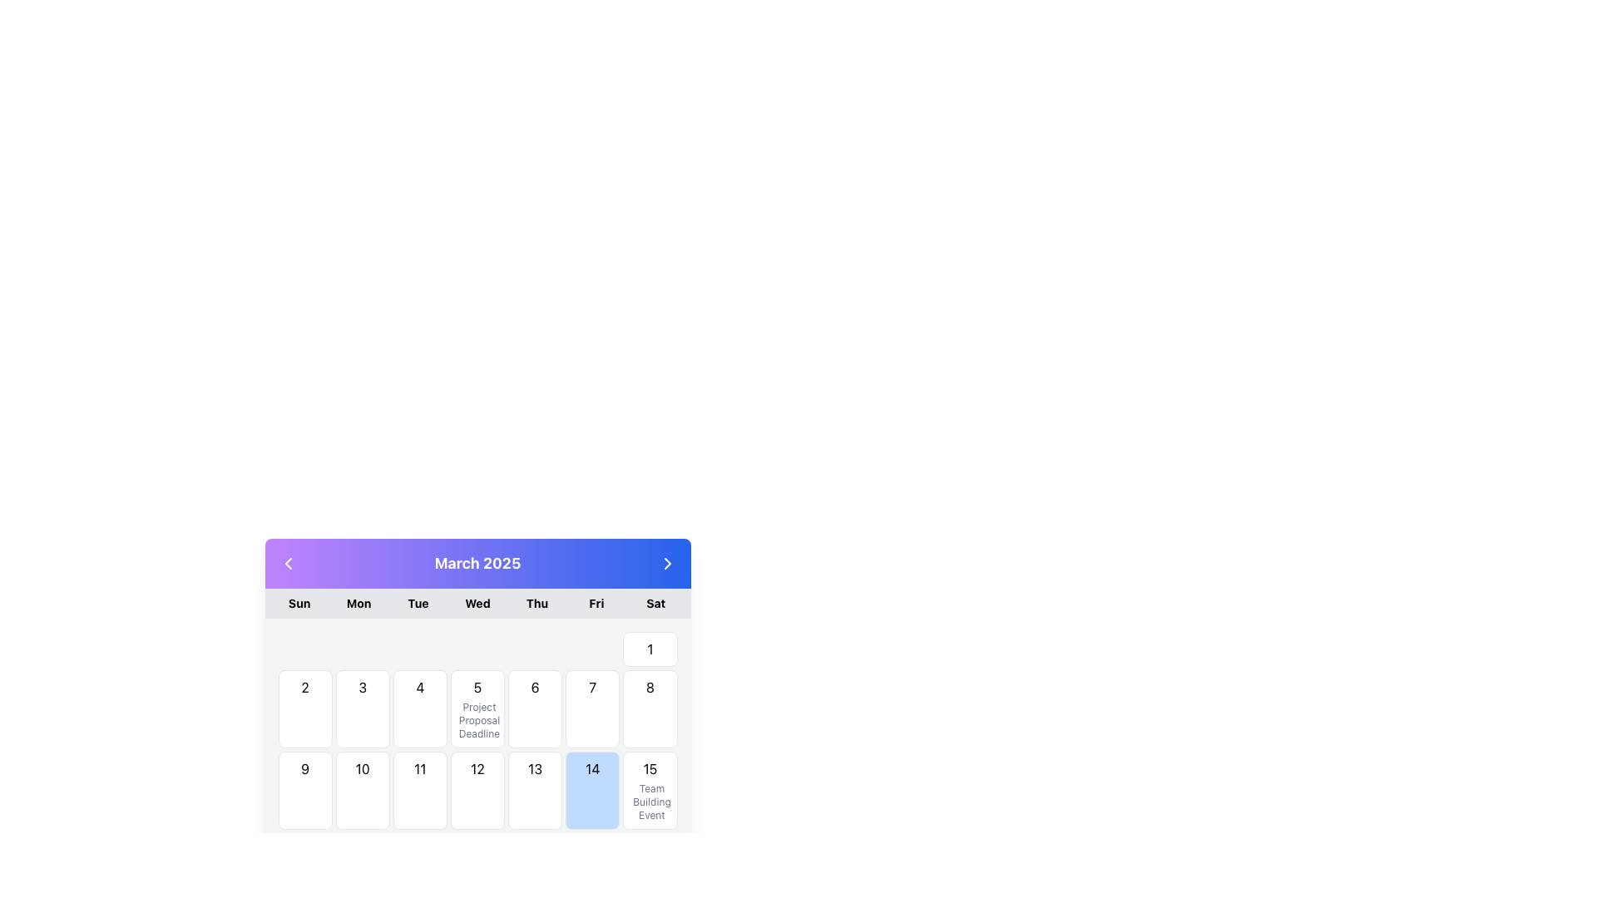  I want to click on the Date button for March 7th, 2025 in the calendar grid, so click(592, 708).